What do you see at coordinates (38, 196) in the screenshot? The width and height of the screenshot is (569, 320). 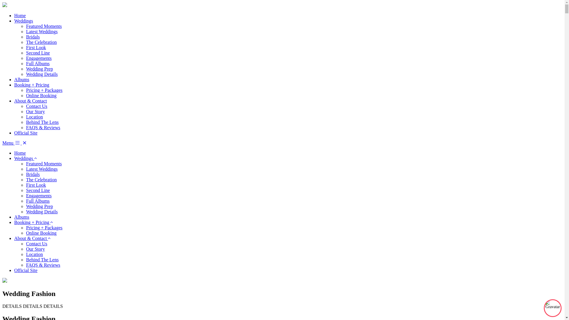 I see `'Engagements'` at bounding box center [38, 196].